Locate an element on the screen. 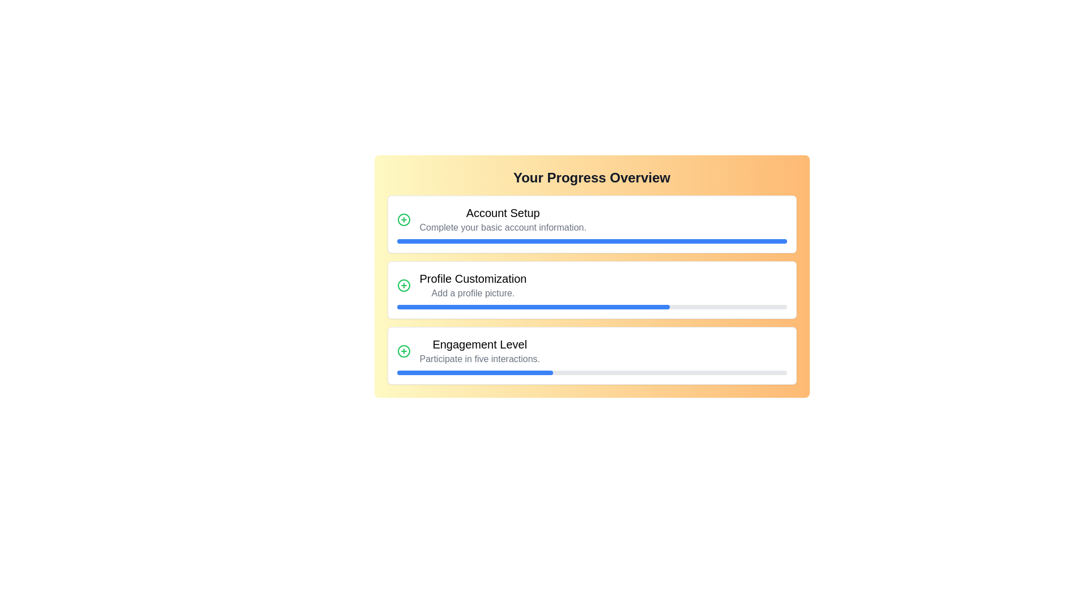 The image size is (1088, 612). the progress bar located within the 'Account Setup' card, which visually indicates the completion status of a task is located at coordinates (591, 240).